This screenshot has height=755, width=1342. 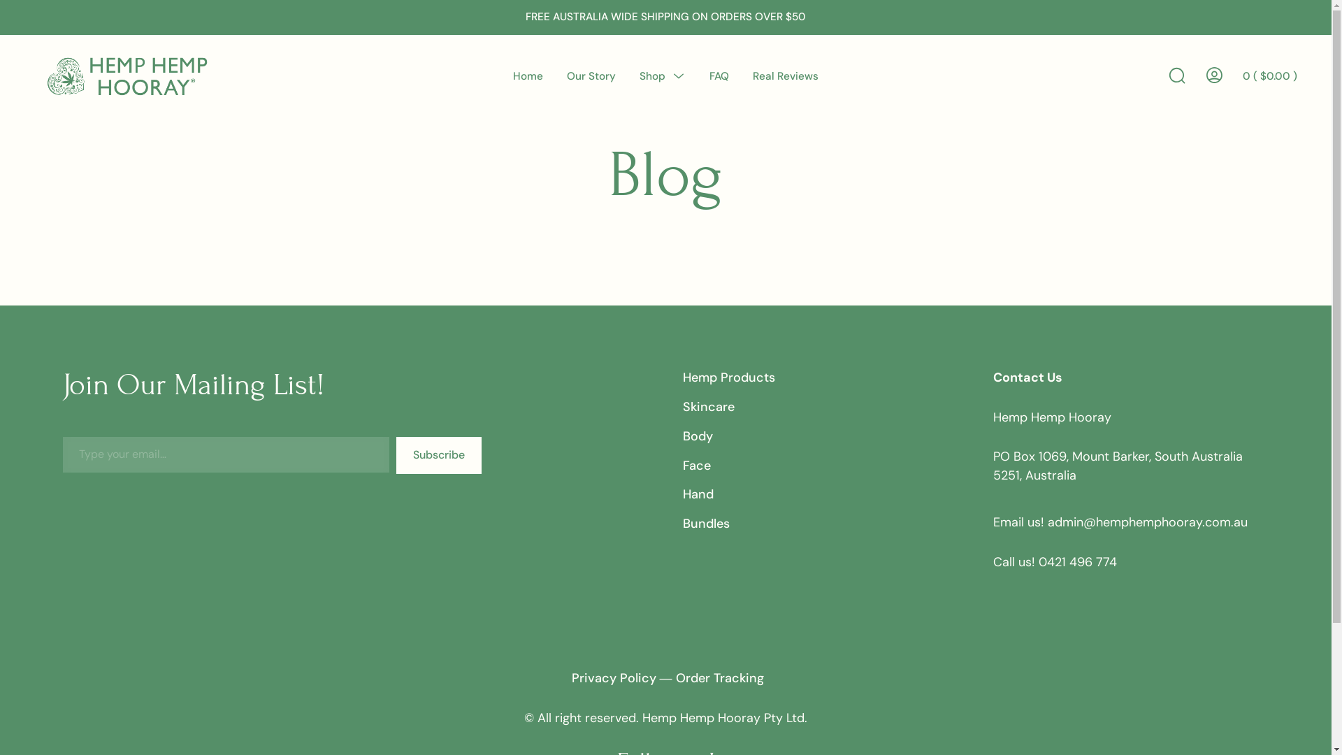 I want to click on 'Go To My Account', so click(x=1213, y=75).